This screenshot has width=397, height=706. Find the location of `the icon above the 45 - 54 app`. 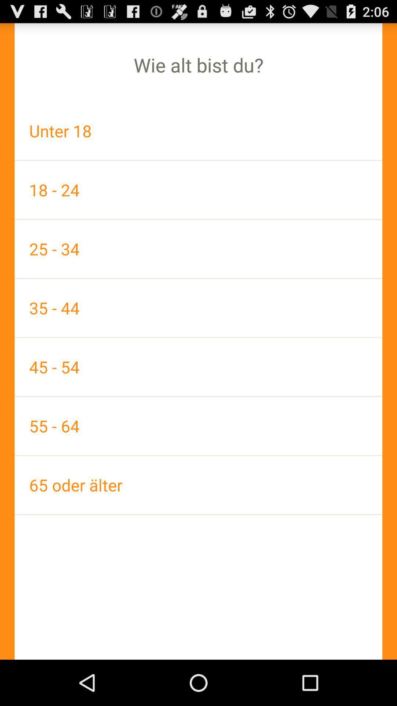

the icon above the 45 - 54 app is located at coordinates (198, 308).